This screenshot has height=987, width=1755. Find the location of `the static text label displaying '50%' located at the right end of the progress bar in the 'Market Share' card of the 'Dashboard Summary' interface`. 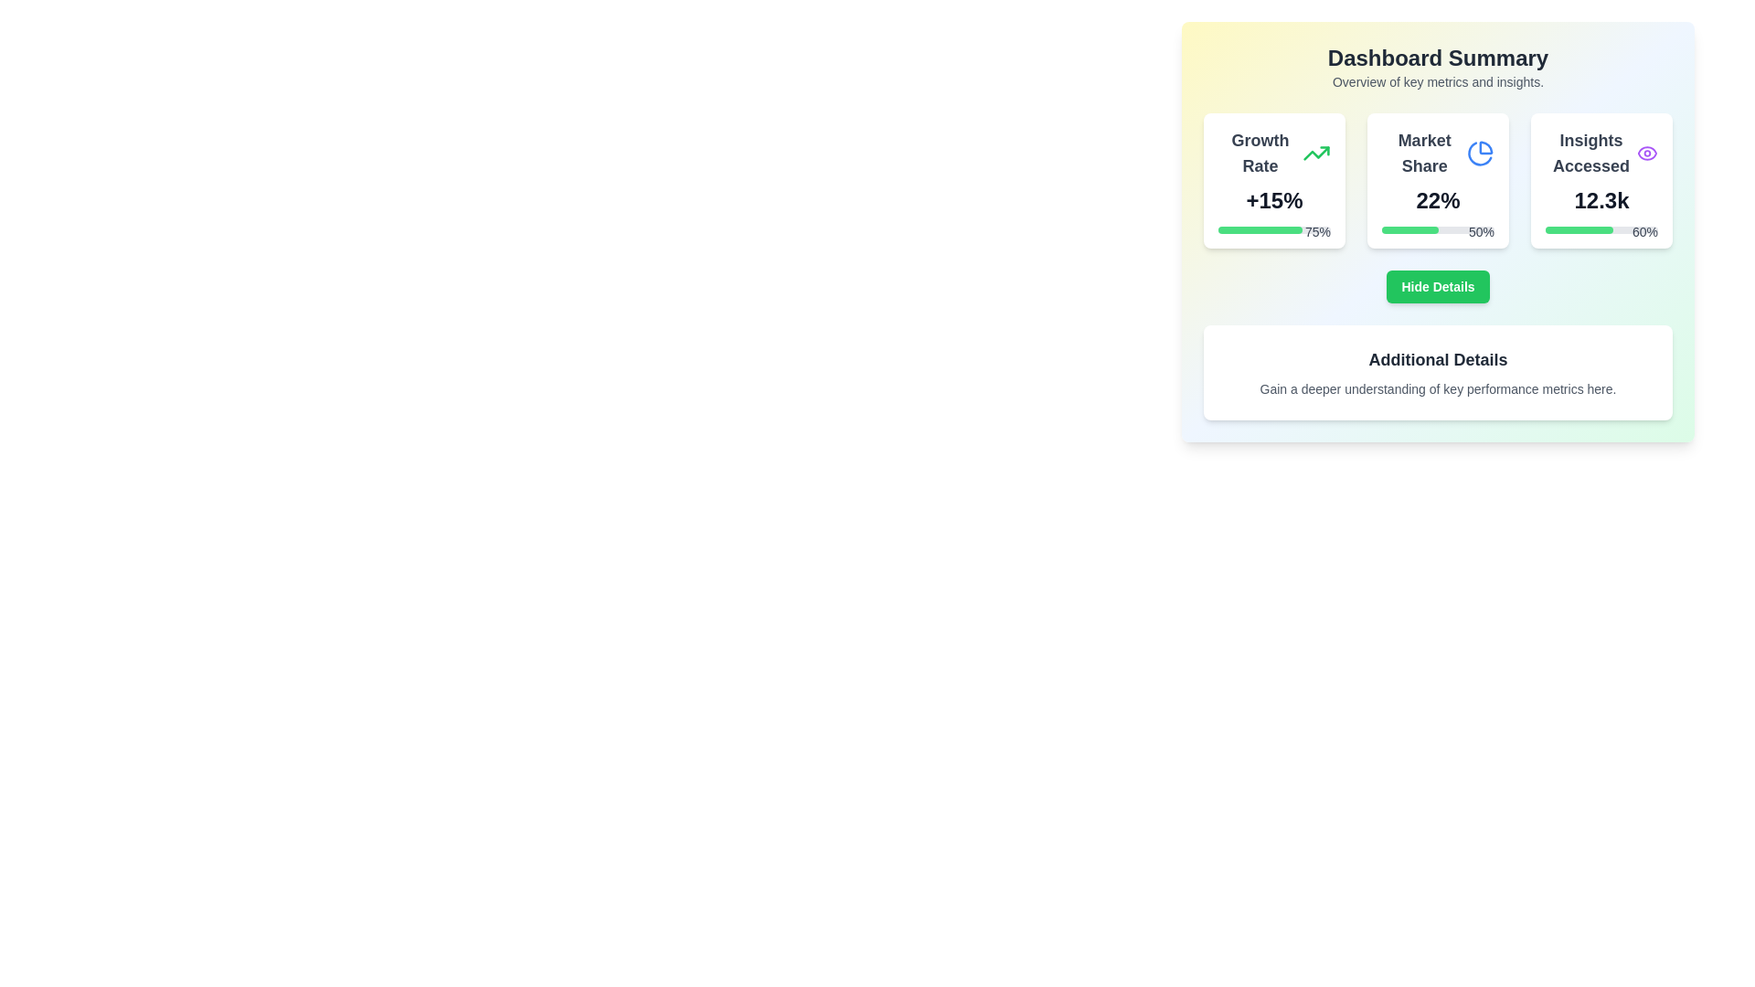

the static text label displaying '50%' located at the right end of the progress bar in the 'Market Share' card of the 'Dashboard Summary' interface is located at coordinates (1482, 231).